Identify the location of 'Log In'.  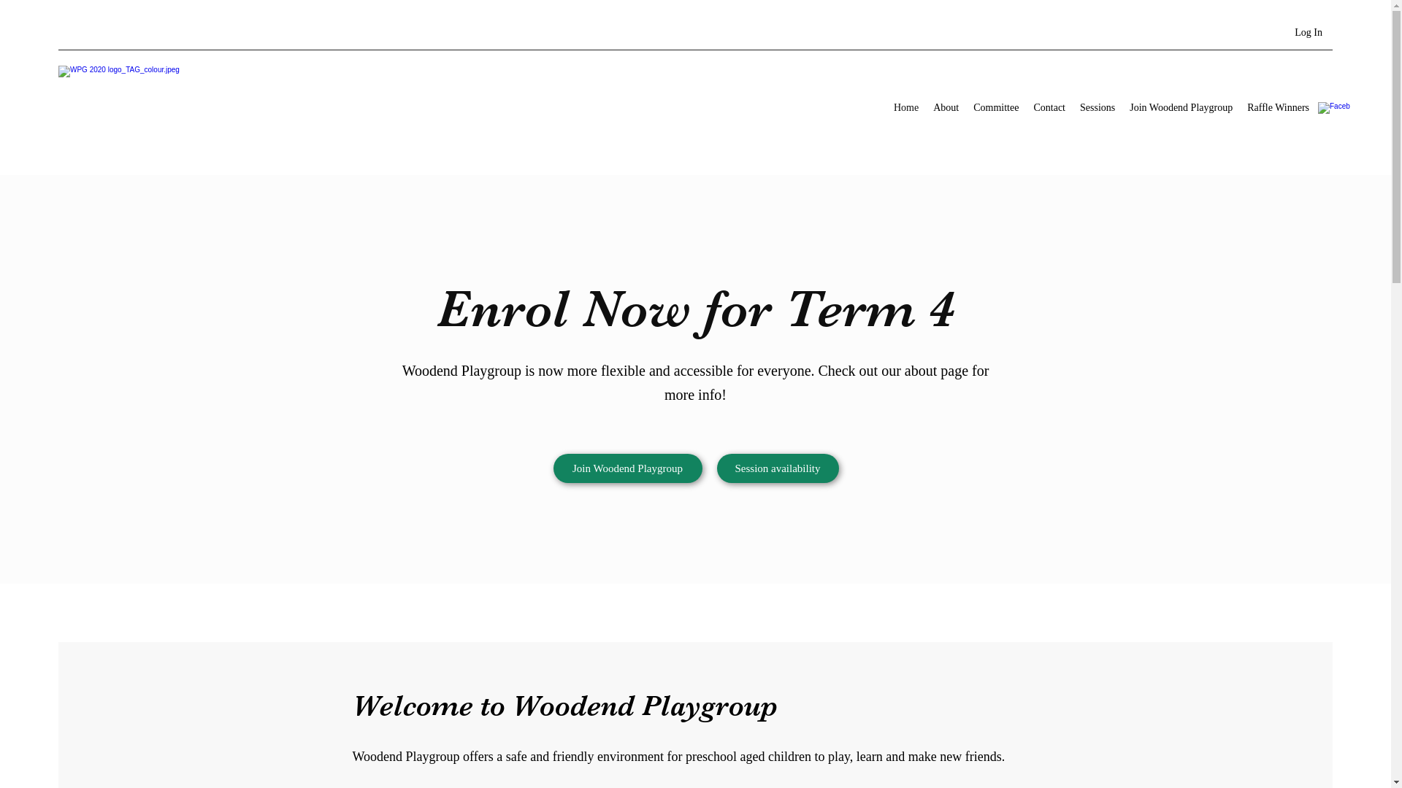
(1308, 32).